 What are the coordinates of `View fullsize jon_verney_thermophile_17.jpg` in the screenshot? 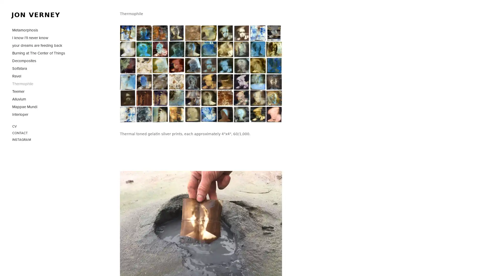 It's located at (225, 49).